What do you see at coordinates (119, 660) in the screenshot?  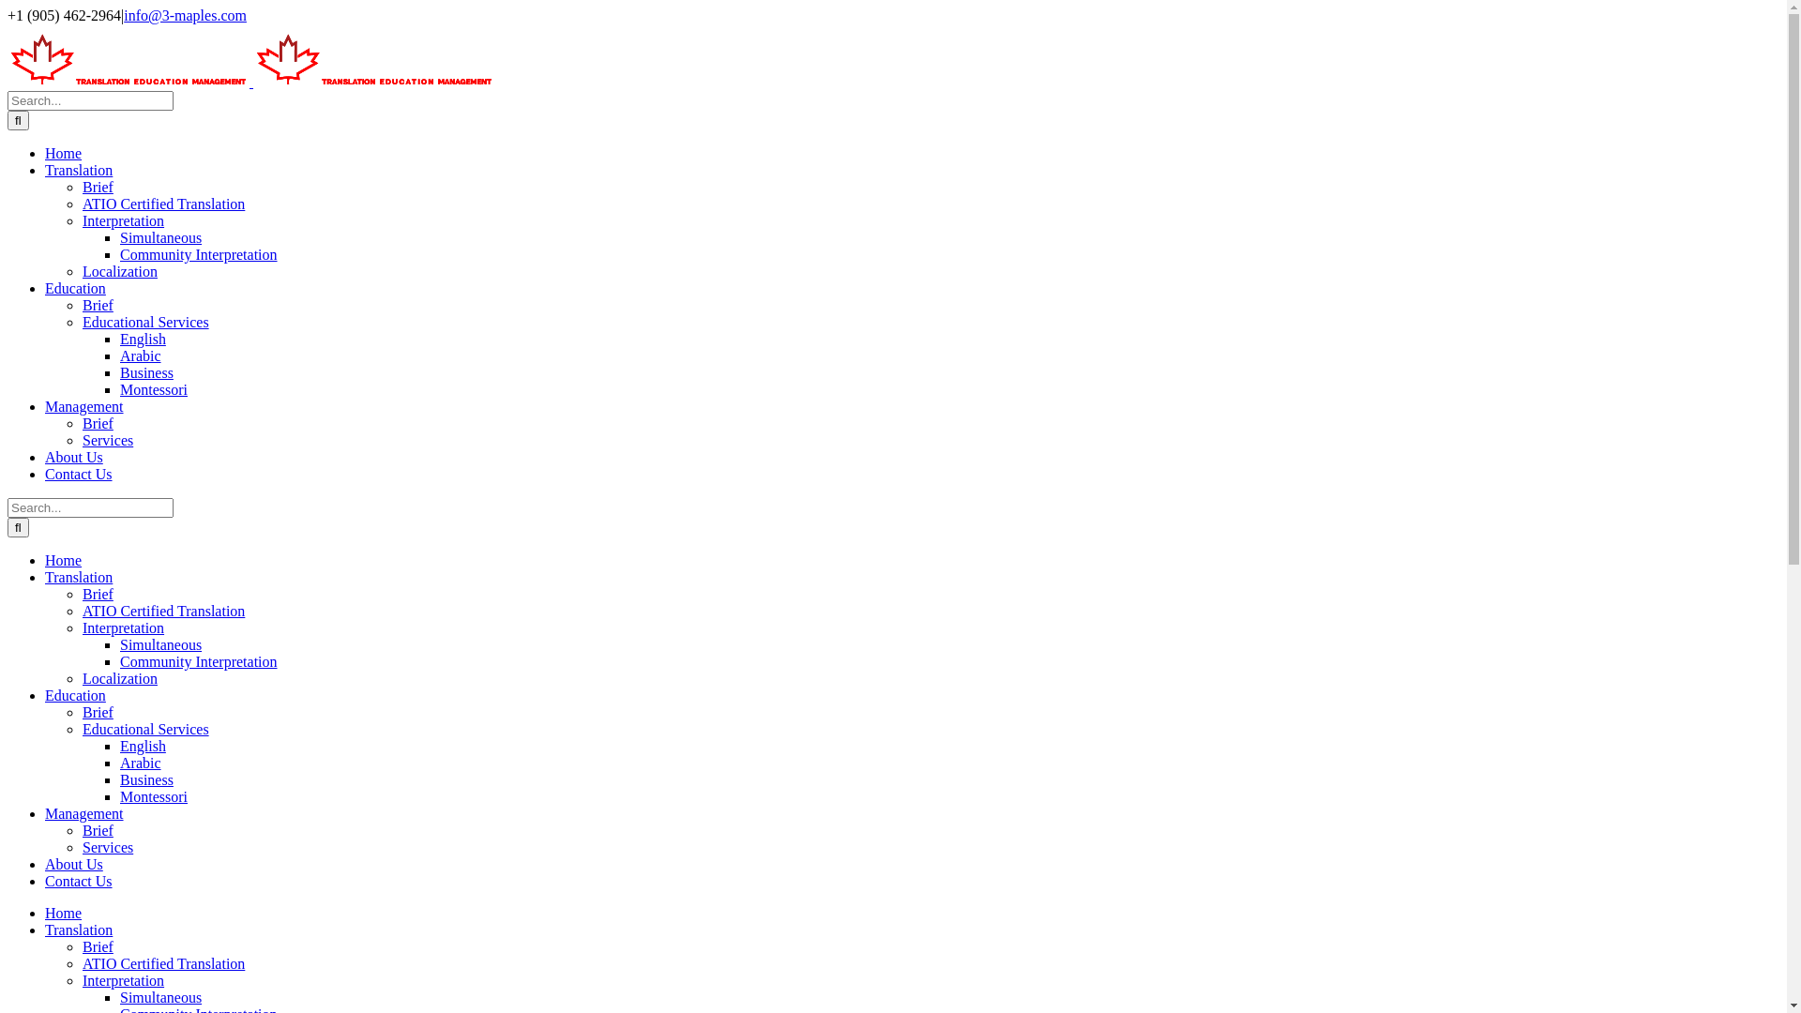 I see `'Community Interpretation'` at bounding box center [119, 660].